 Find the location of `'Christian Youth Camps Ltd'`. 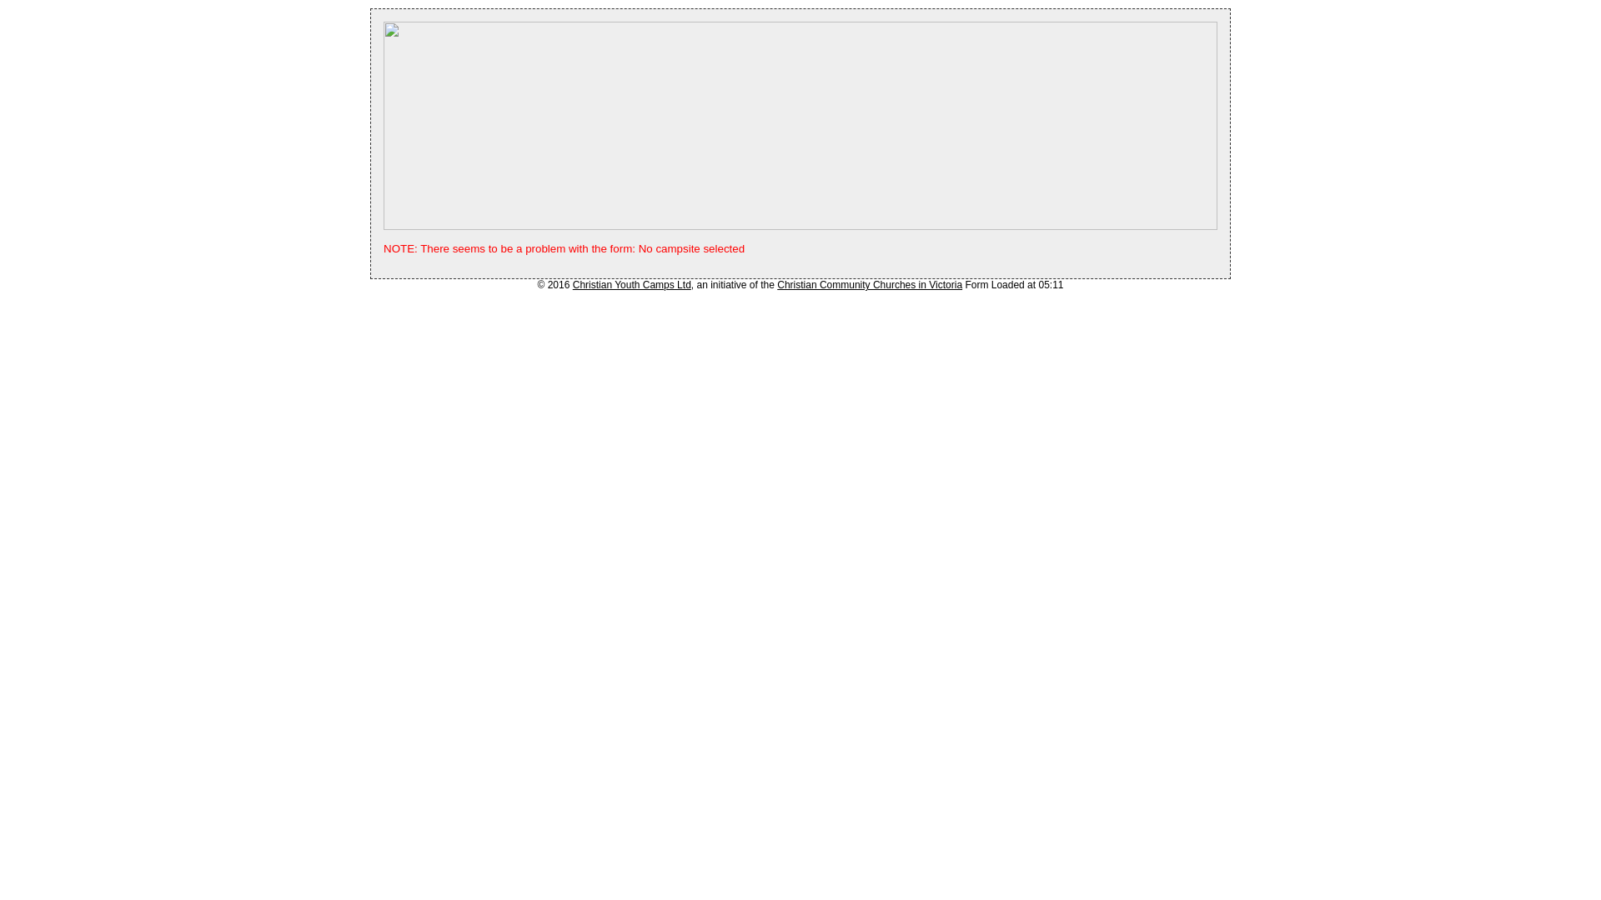

'Christian Youth Camps Ltd' is located at coordinates (572, 284).